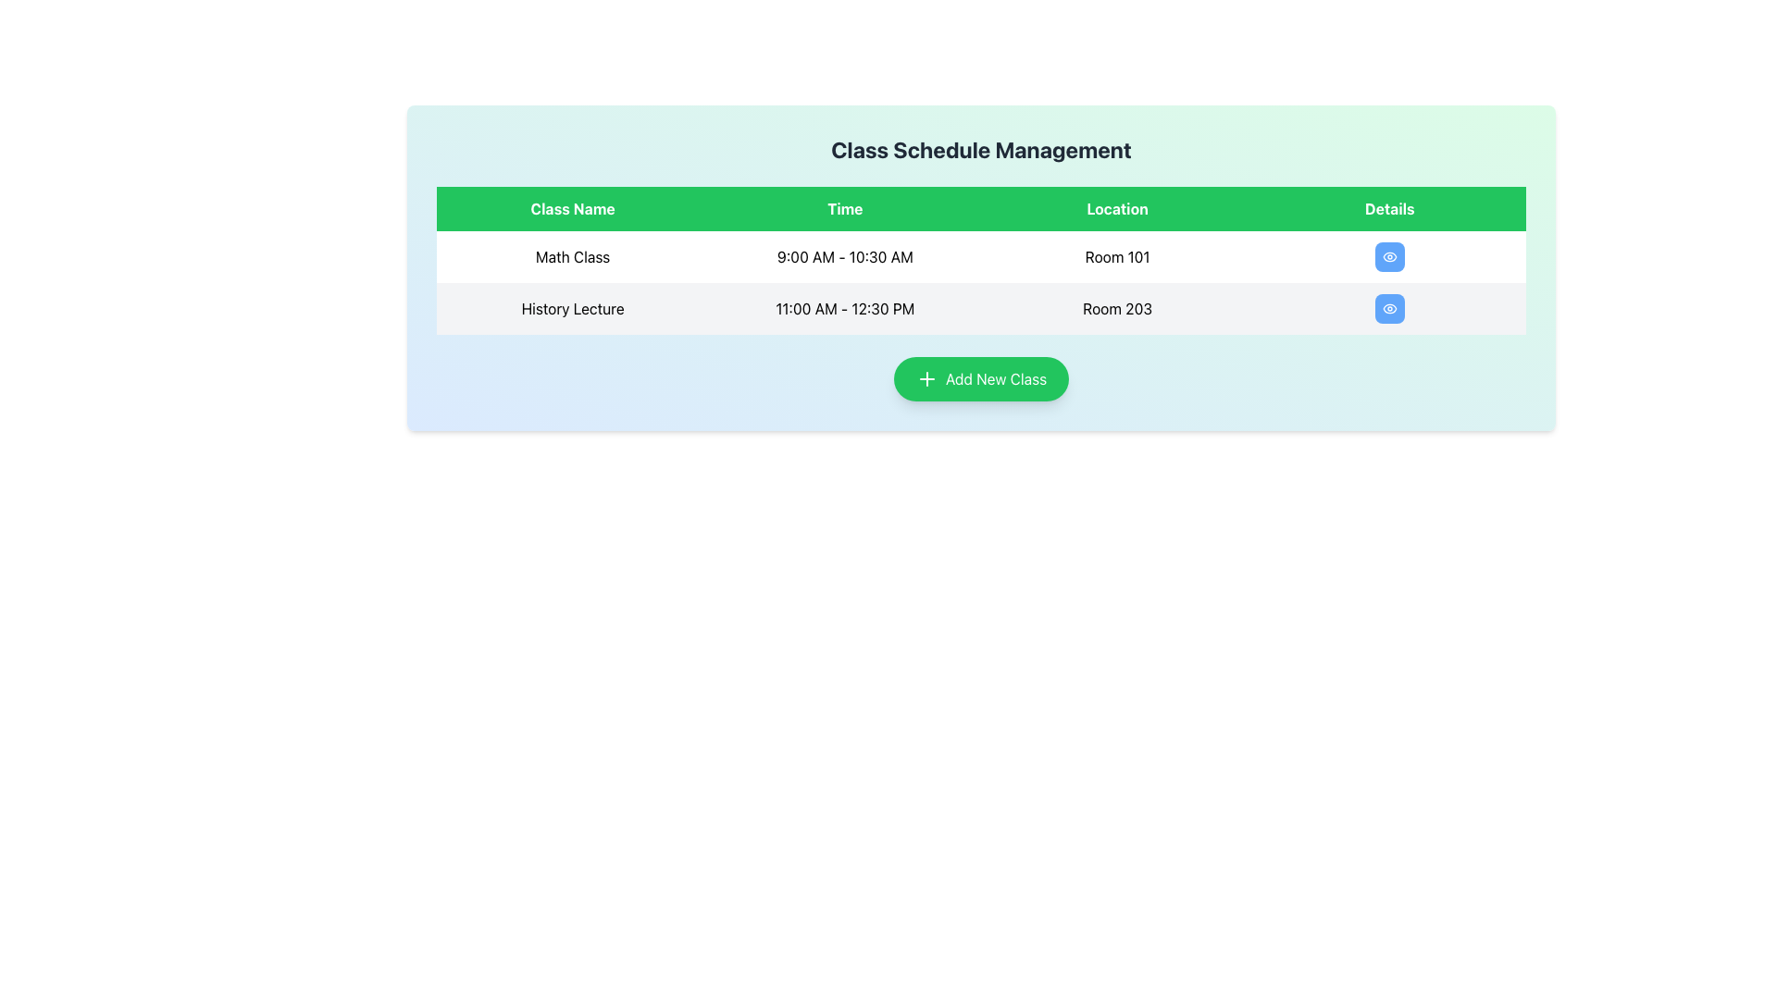 This screenshot has width=1777, height=999. I want to click on the green 'Add New Class' button located at the bottom of the schedule management interface, so click(980, 377).